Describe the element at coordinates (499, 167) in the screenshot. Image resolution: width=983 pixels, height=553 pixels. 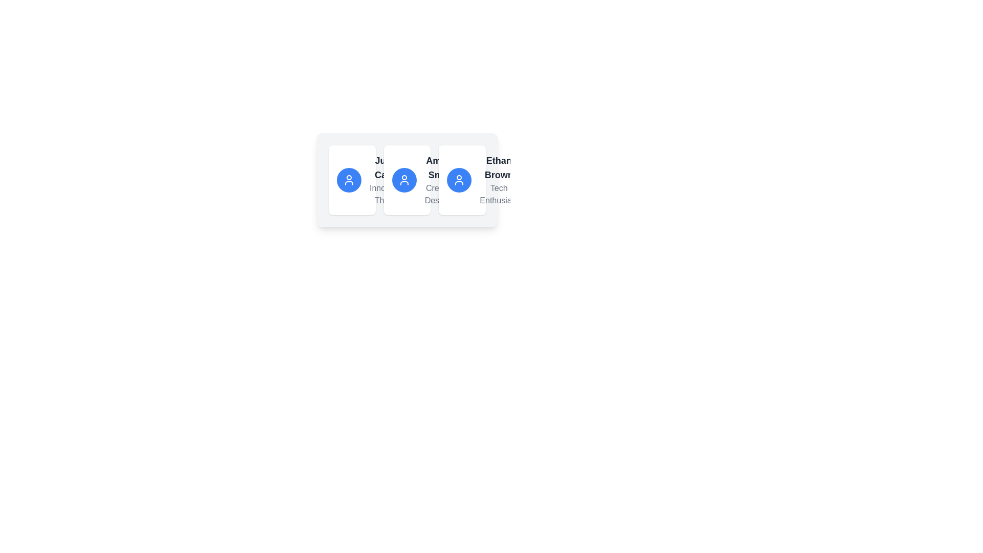
I see `the text label displaying the name 'Ethan Brown', which is visually prominent and centrally aligned with the profile icon` at that location.